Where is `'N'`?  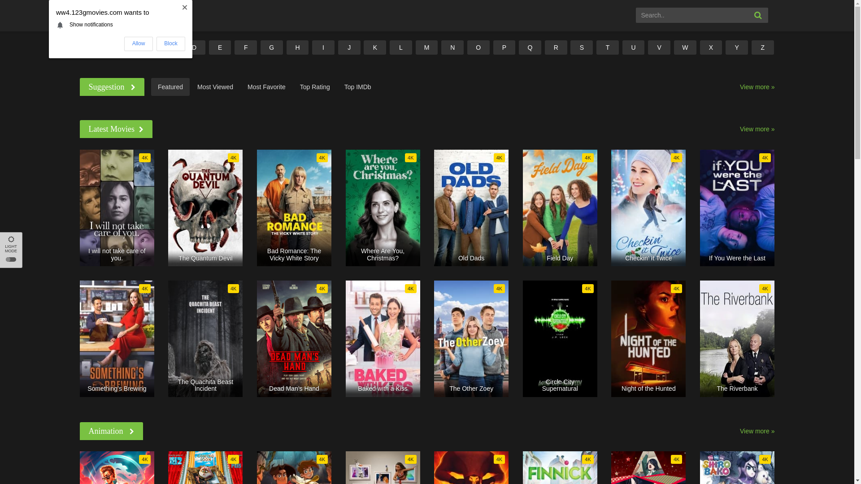
'N' is located at coordinates (441, 47).